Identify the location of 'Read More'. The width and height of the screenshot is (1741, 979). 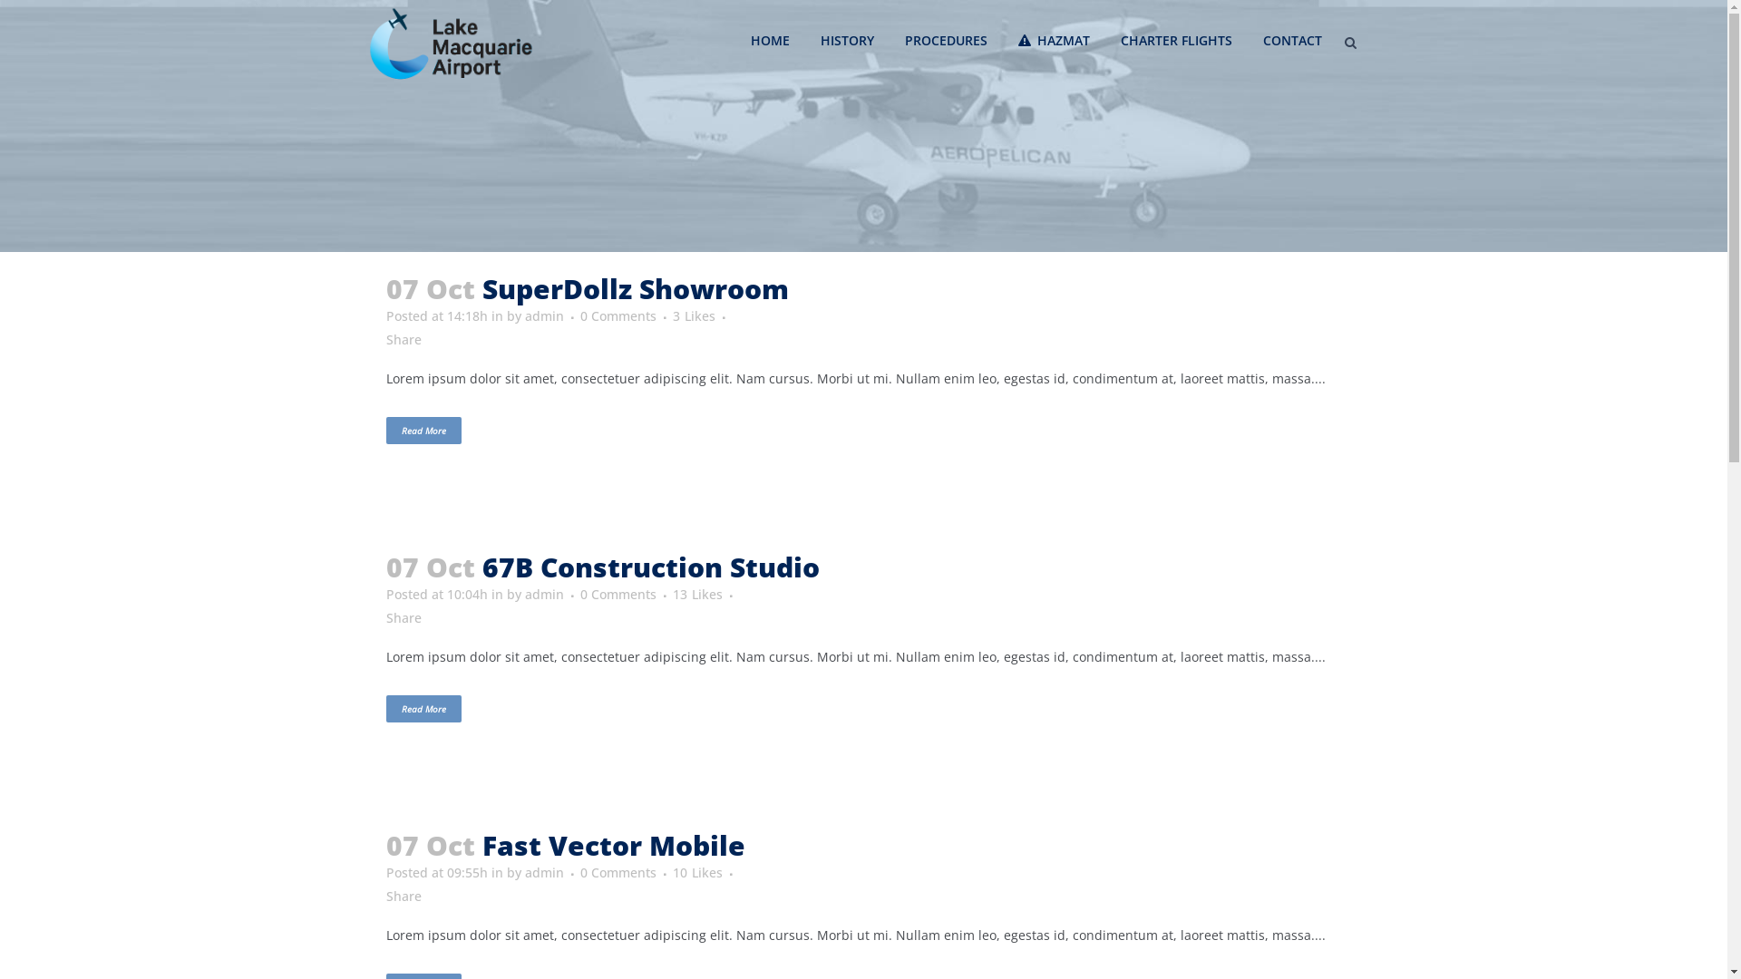
(423, 708).